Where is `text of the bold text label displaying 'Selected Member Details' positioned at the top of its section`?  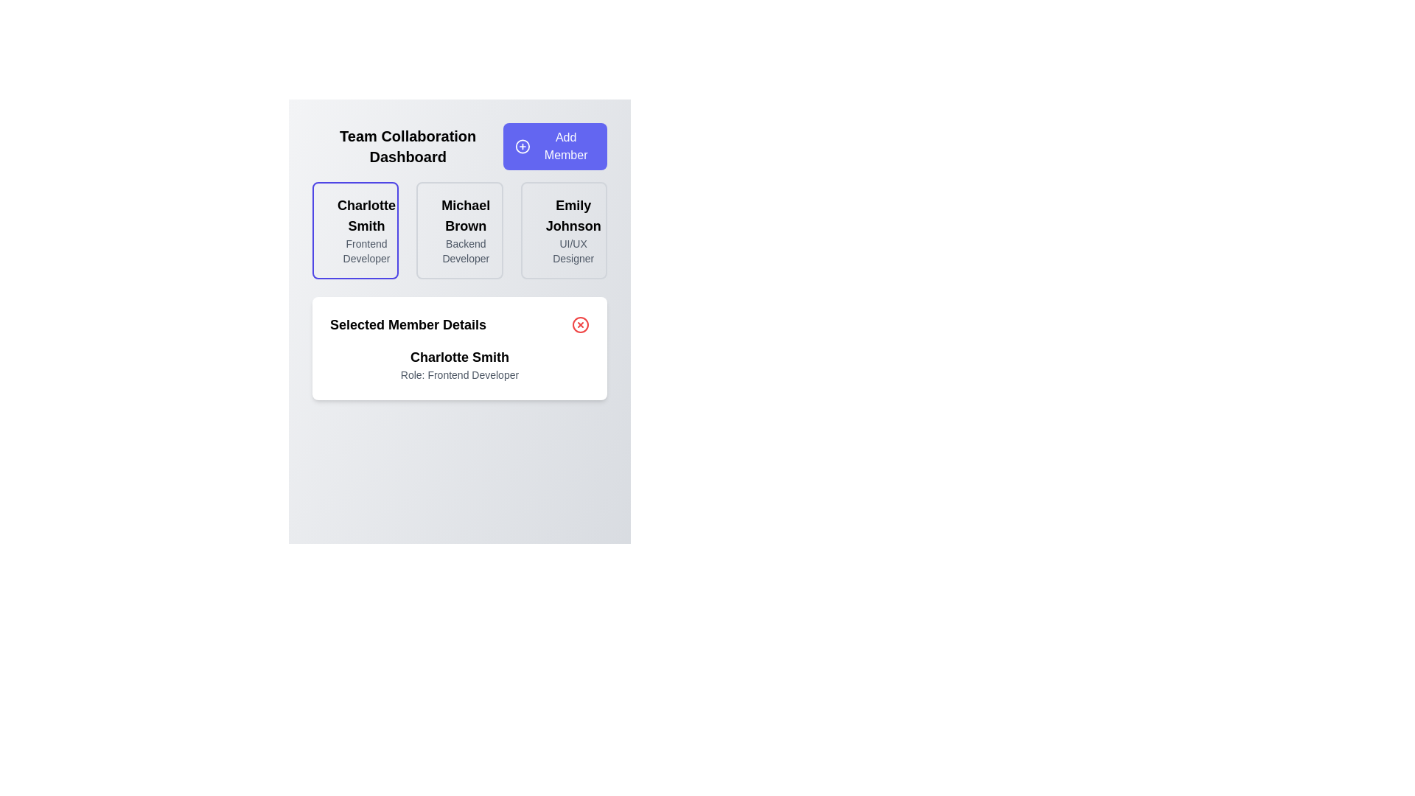 text of the bold text label displaying 'Selected Member Details' positioned at the top of its section is located at coordinates (408, 324).